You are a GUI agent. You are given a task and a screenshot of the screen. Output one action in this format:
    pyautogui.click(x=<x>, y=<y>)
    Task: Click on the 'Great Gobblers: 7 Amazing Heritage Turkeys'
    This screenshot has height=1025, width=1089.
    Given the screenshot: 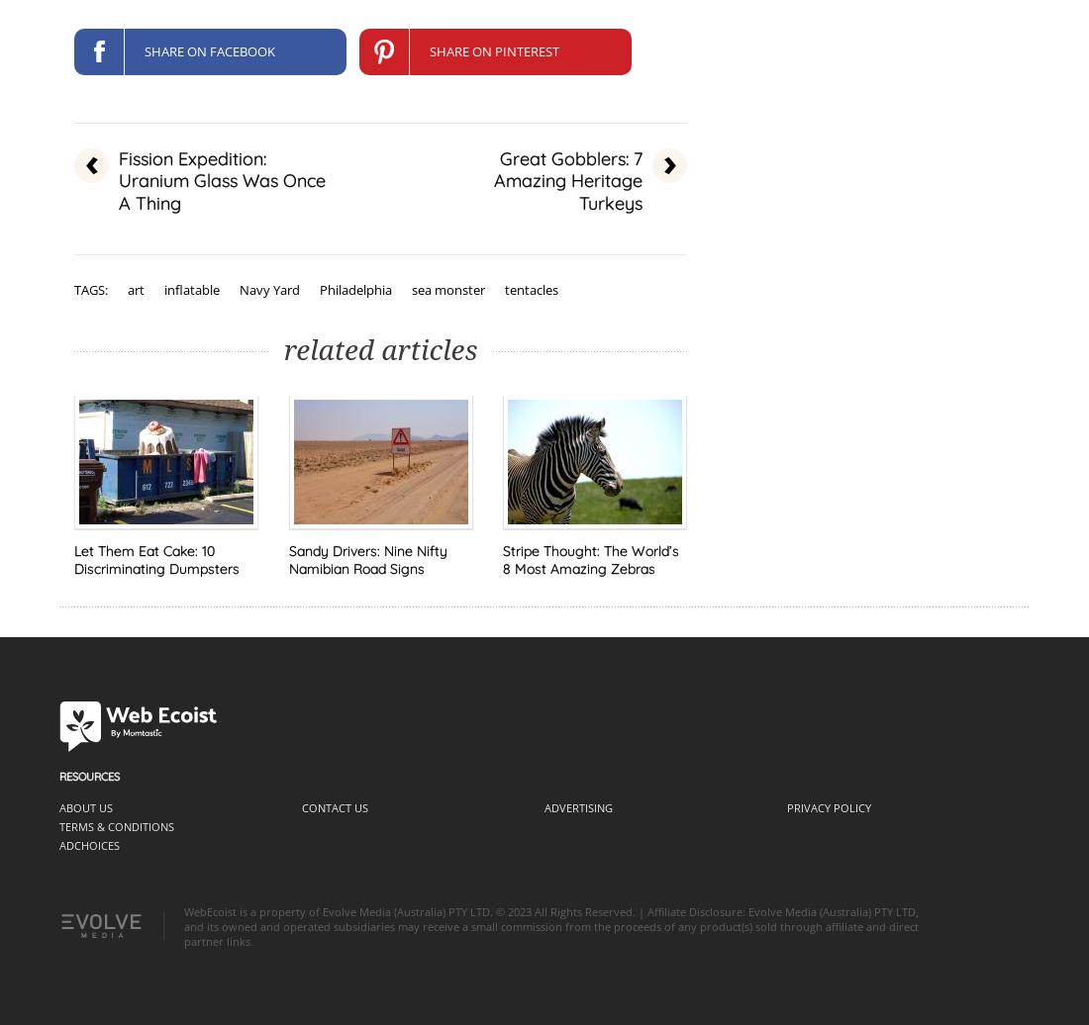 What is the action you would take?
    pyautogui.click(x=566, y=180)
    